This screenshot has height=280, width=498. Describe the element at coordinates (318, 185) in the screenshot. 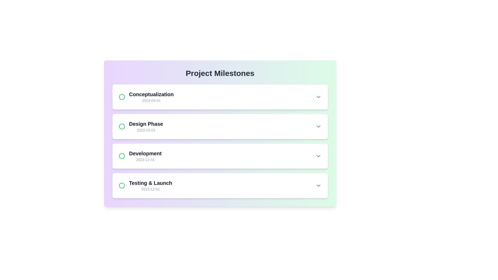

I see `the downward-facing chevron toggle icon located at the far-right side of the 'Testing & Launch 2023-12-01' item for visual feedback` at that location.